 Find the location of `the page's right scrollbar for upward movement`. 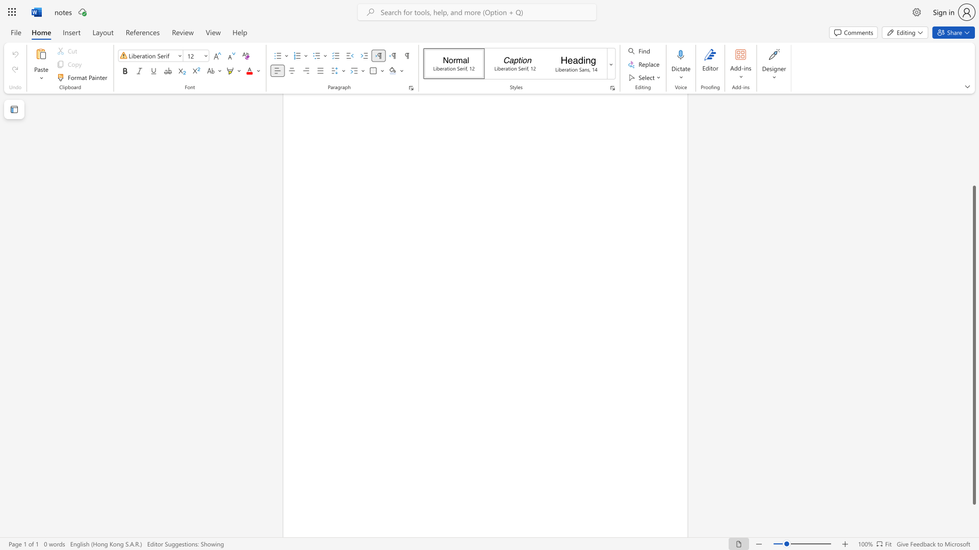

the page's right scrollbar for upward movement is located at coordinates (973, 137).